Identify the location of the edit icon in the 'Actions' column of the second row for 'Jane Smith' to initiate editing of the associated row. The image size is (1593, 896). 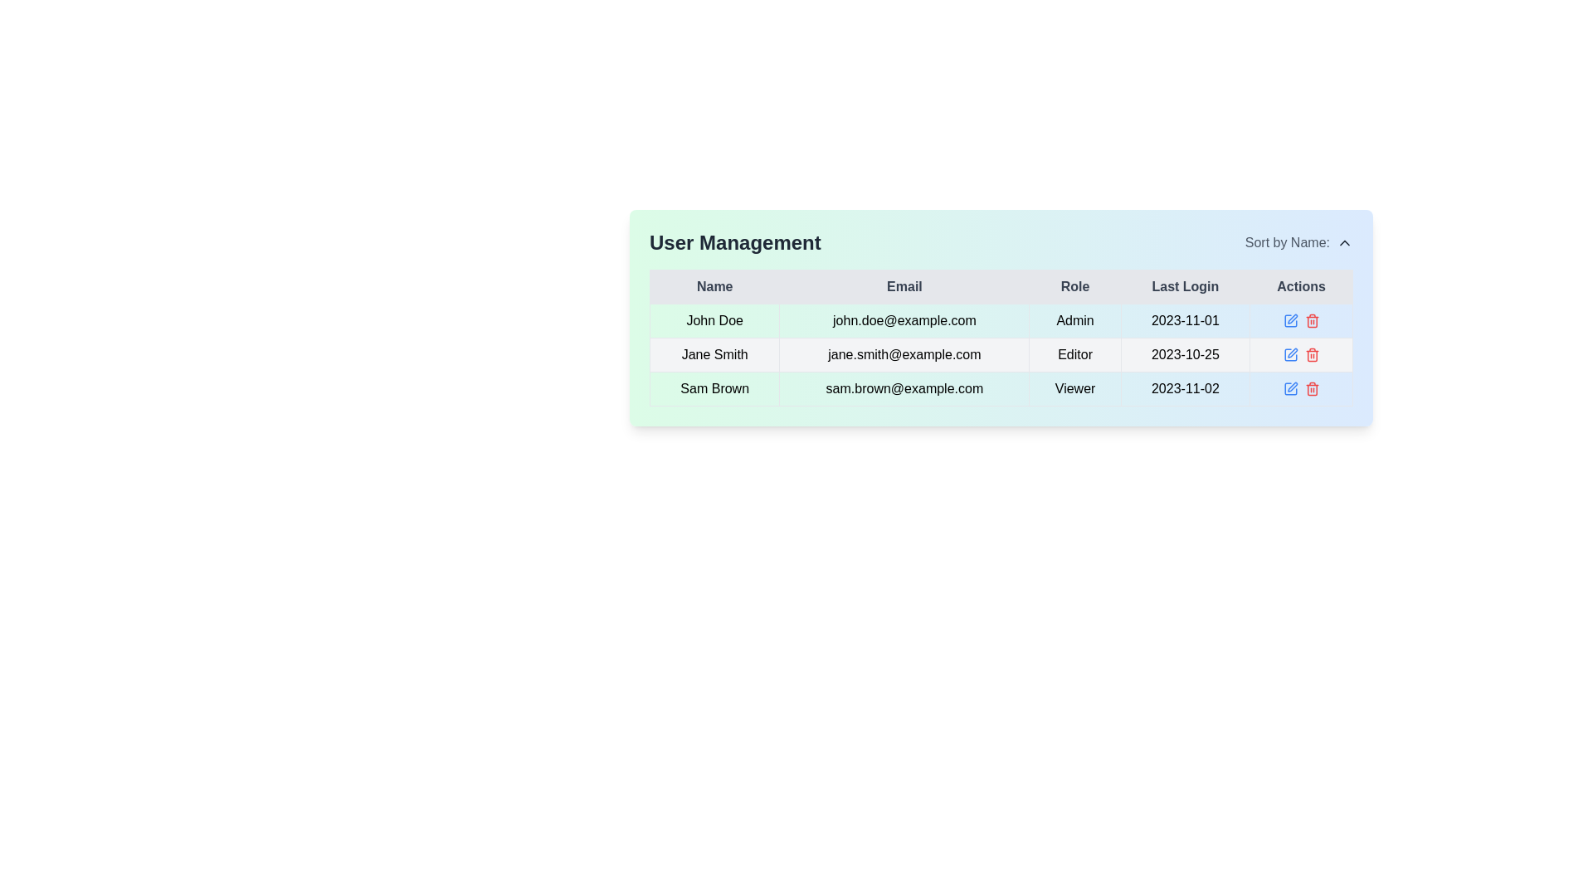
(1291, 352).